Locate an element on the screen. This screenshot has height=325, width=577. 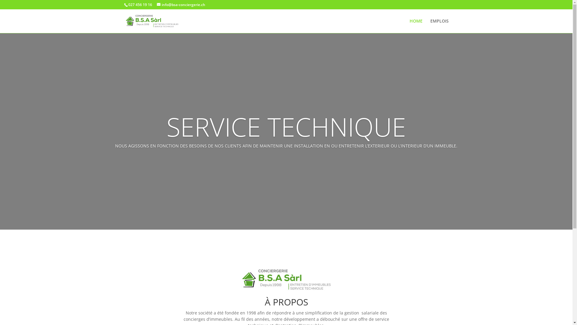
'EMPLOIS' is located at coordinates (439, 26).